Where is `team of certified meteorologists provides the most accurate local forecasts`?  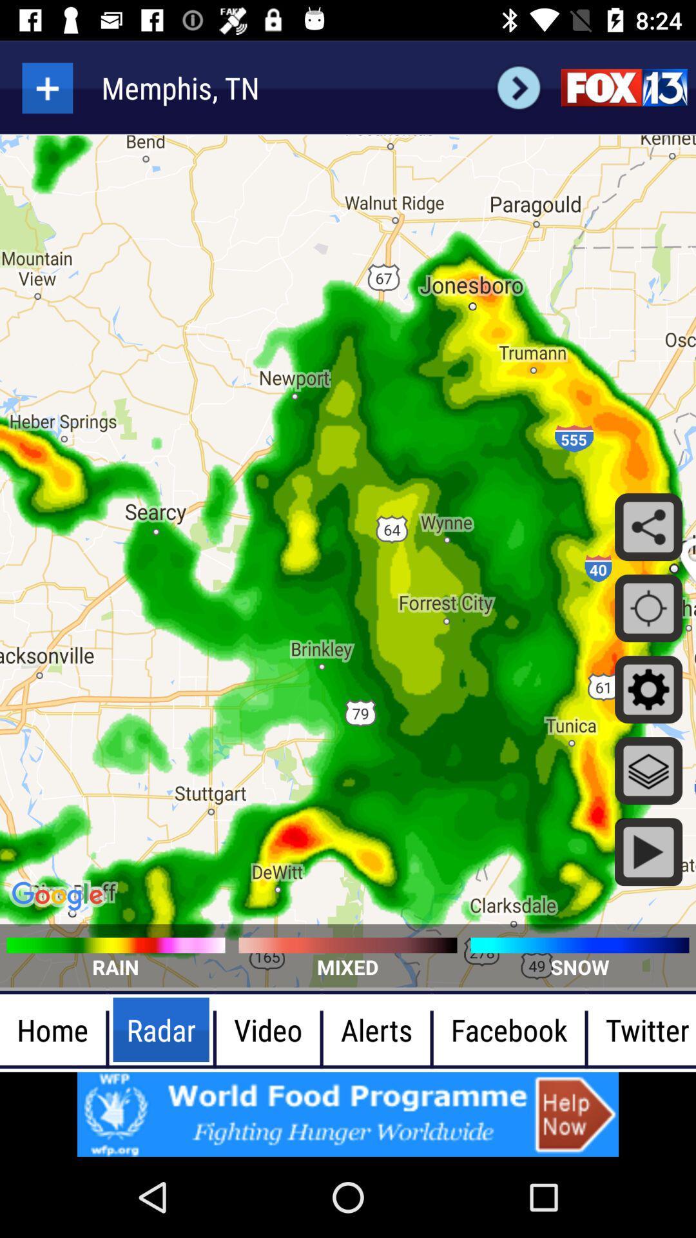
team of certified meteorologists provides the most accurate local forecasts is located at coordinates (623, 87).